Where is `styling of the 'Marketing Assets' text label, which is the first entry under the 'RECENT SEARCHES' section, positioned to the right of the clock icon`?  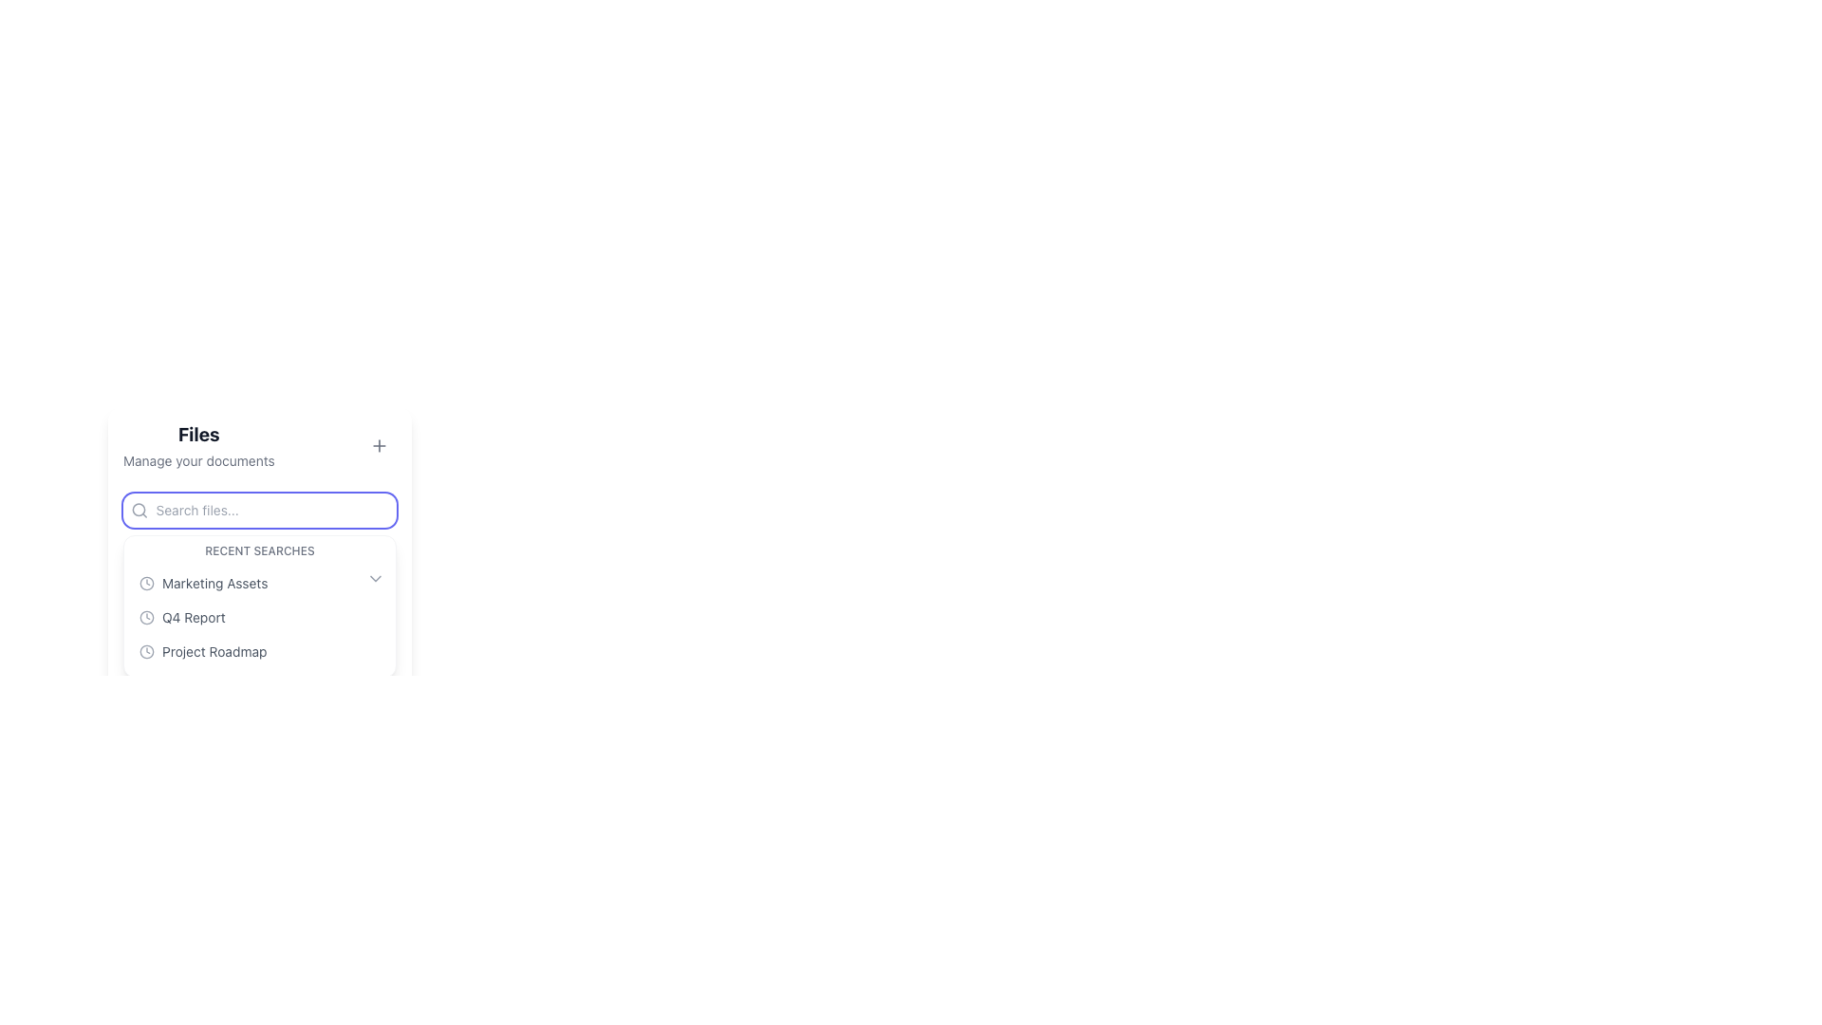
styling of the 'Marketing Assets' text label, which is the first entry under the 'RECENT SEARCHES' section, positioned to the right of the clock icon is located at coordinates (214, 582).